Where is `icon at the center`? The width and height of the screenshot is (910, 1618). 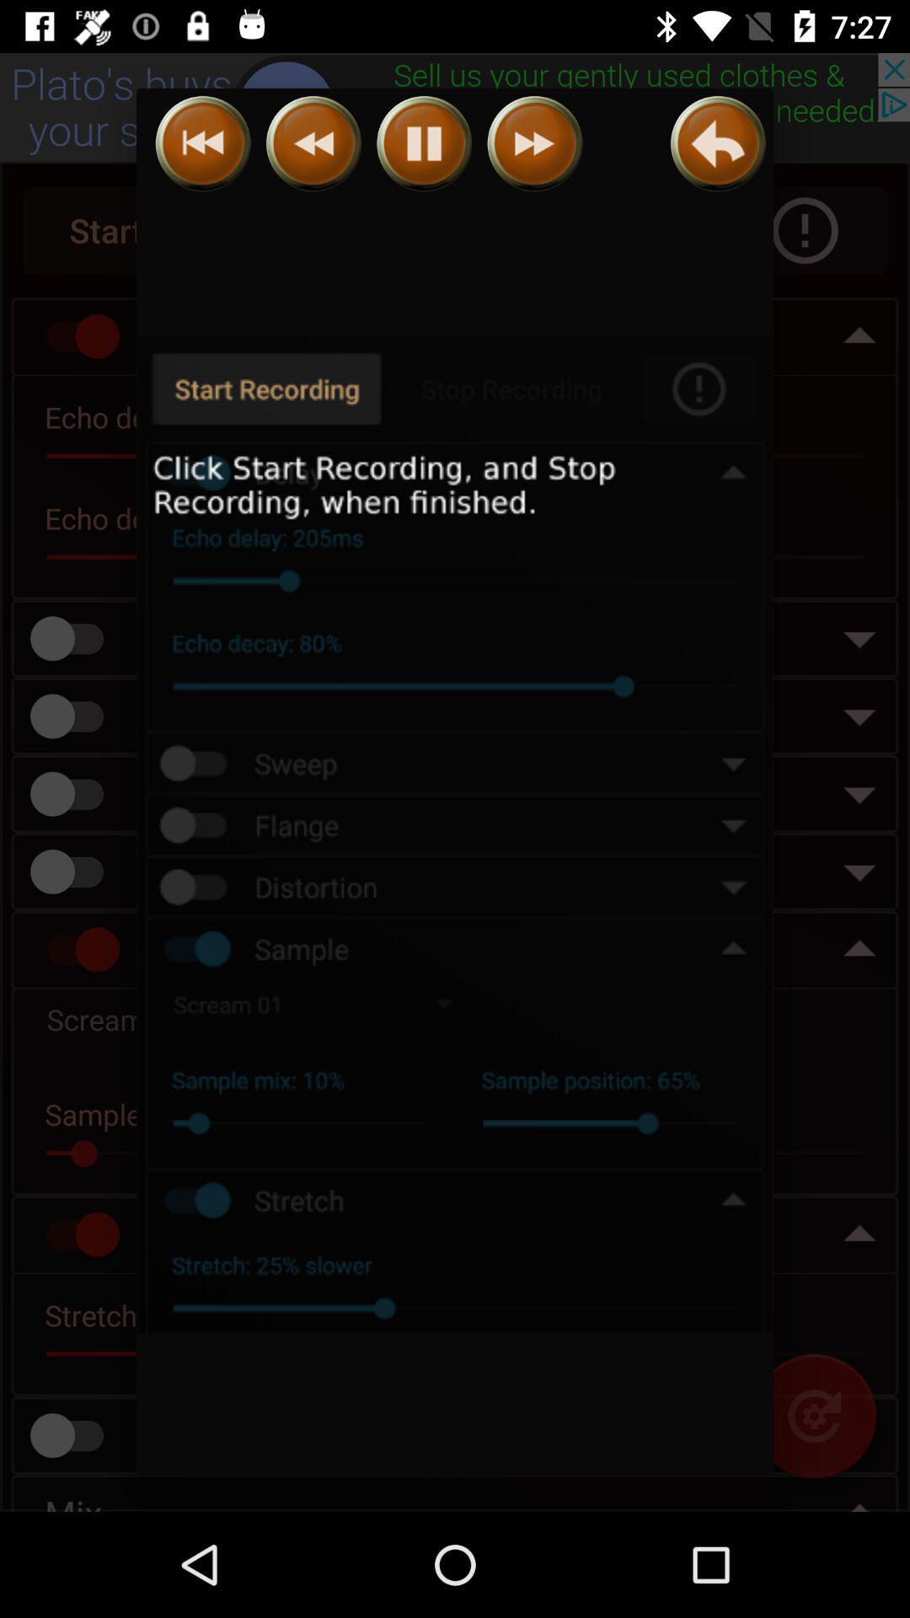
icon at the center is located at coordinates (455, 835).